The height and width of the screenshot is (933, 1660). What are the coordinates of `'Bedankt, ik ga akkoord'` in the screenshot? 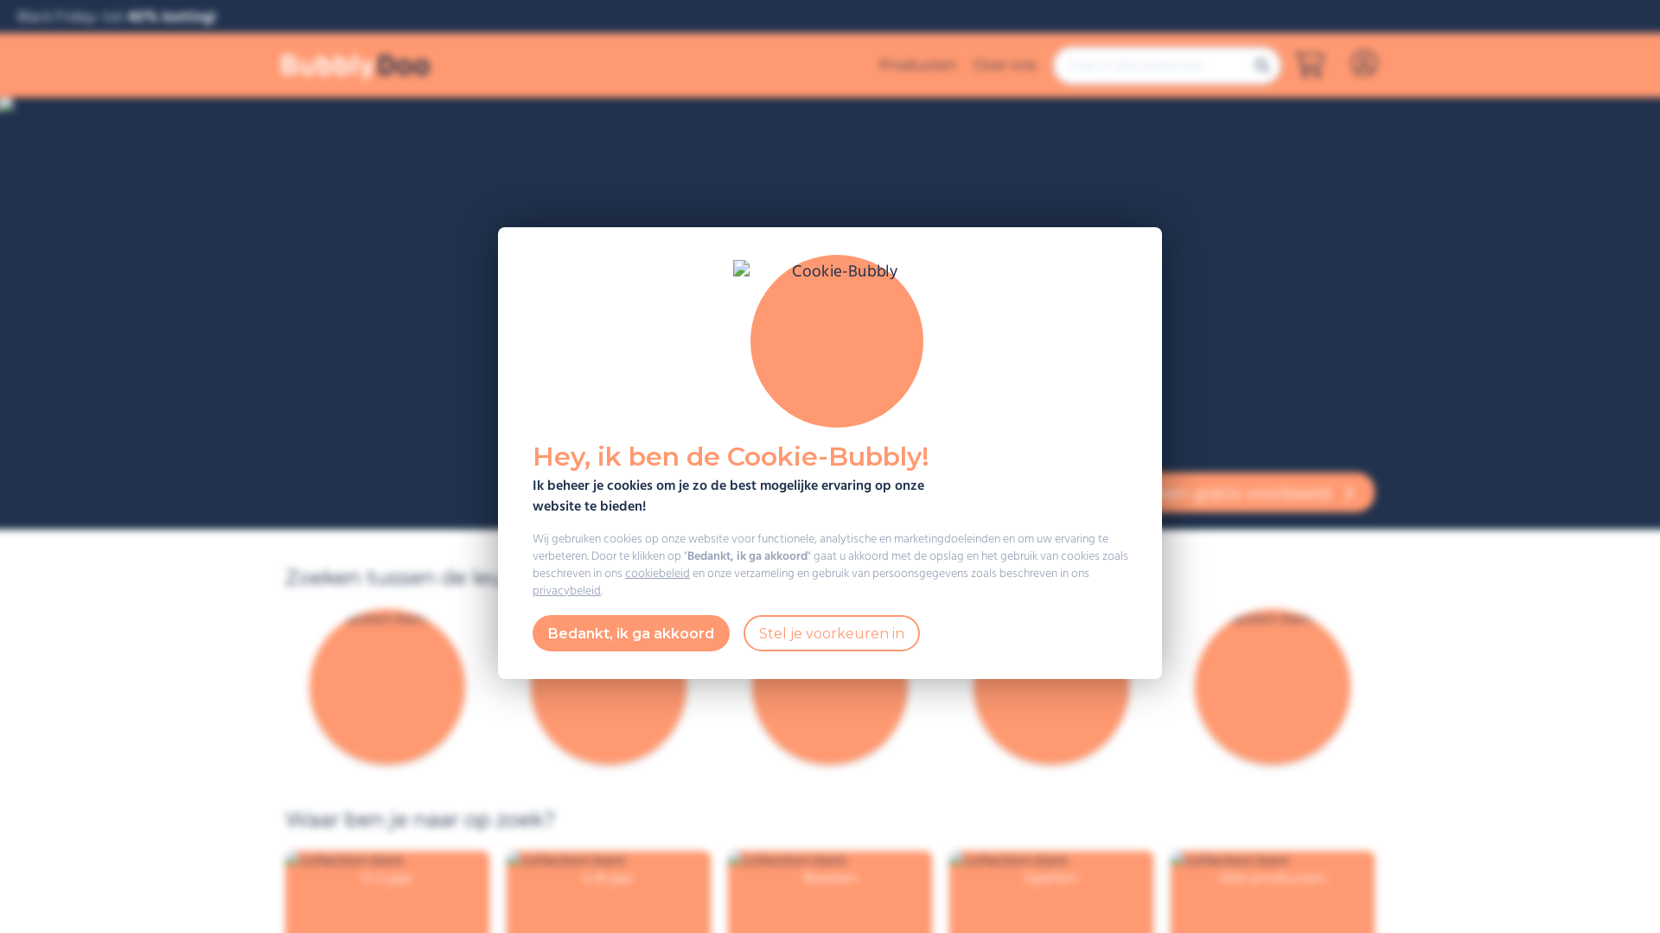 It's located at (629, 632).